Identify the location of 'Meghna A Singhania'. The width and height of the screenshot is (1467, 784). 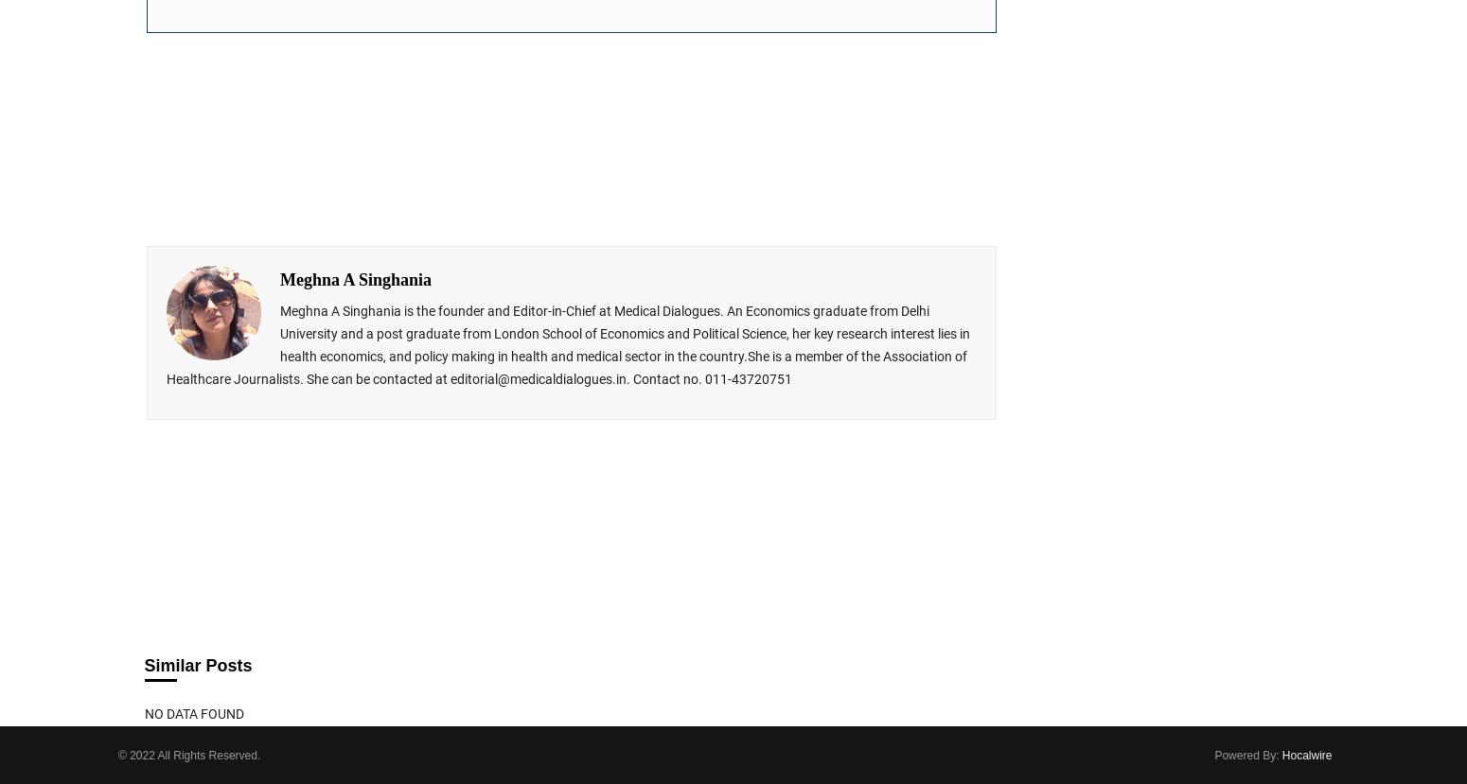
(355, 278).